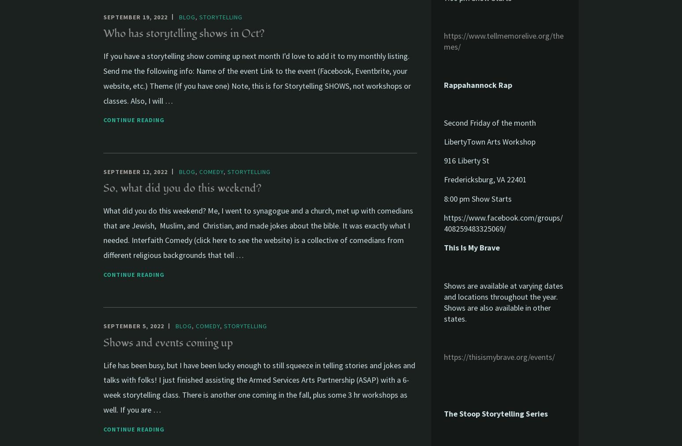 This screenshot has width=682, height=446. What do you see at coordinates (103, 33) in the screenshot?
I see `'Who has storytelling shows in Oct?'` at bounding box center [103, 33].